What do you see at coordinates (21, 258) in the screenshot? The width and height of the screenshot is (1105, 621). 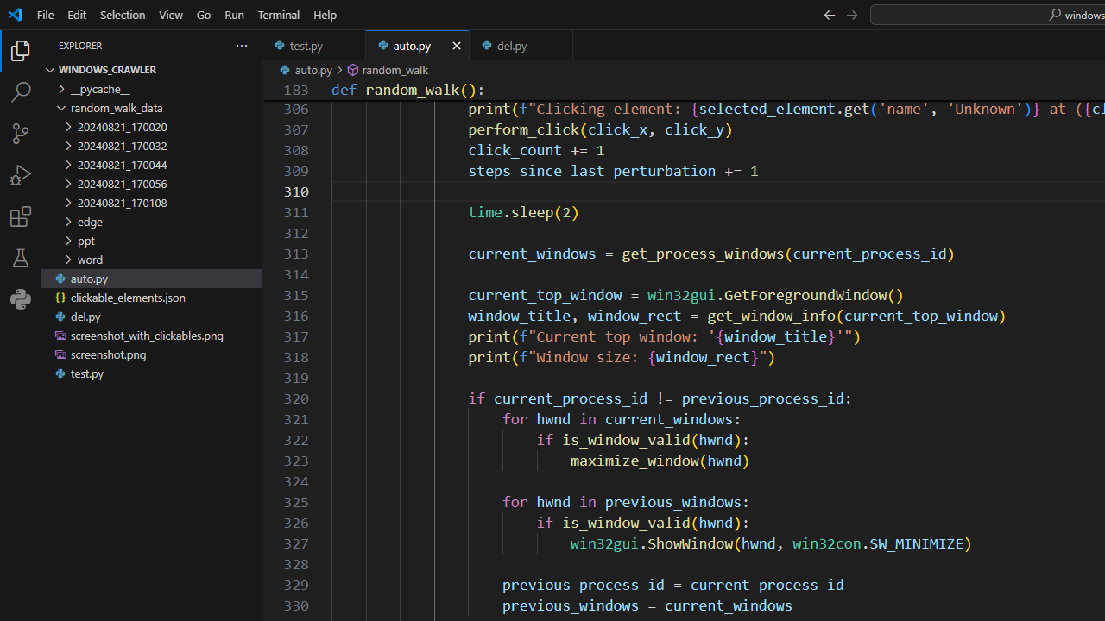 I see `'Testing'` at bounding box center [21, 258].